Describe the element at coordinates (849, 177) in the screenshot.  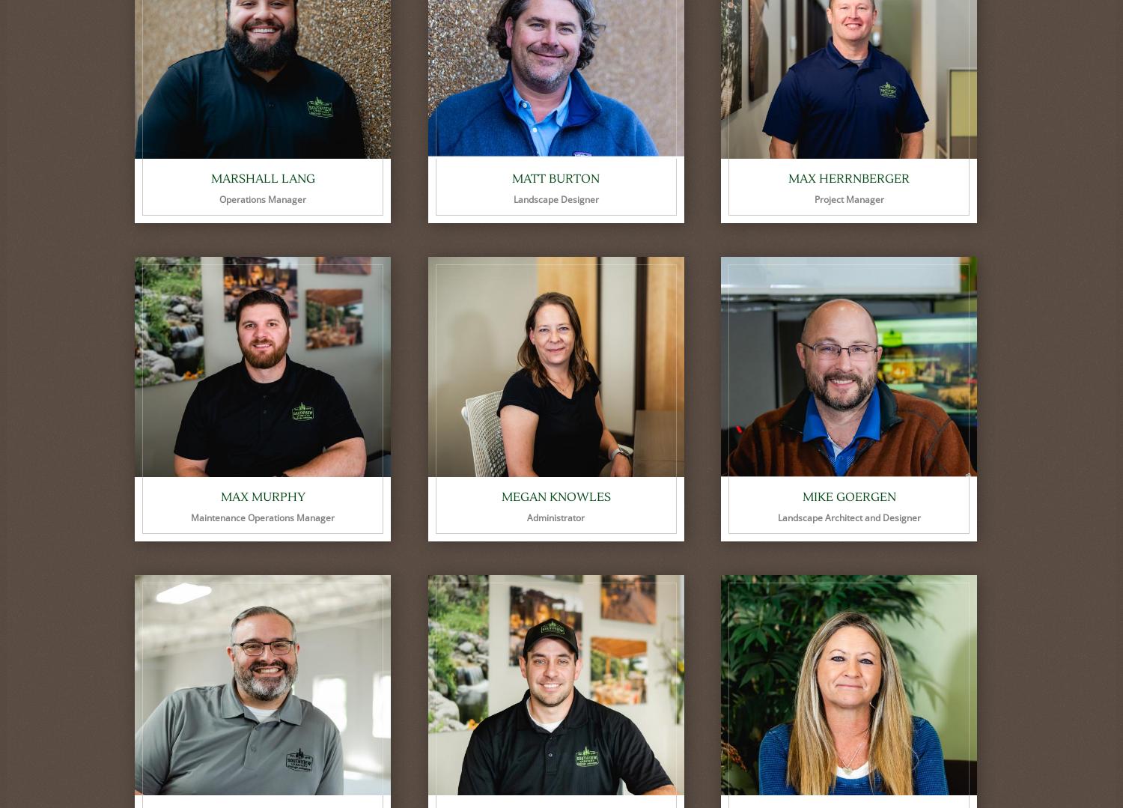
I see `'Max Herrnberger'` at that location.